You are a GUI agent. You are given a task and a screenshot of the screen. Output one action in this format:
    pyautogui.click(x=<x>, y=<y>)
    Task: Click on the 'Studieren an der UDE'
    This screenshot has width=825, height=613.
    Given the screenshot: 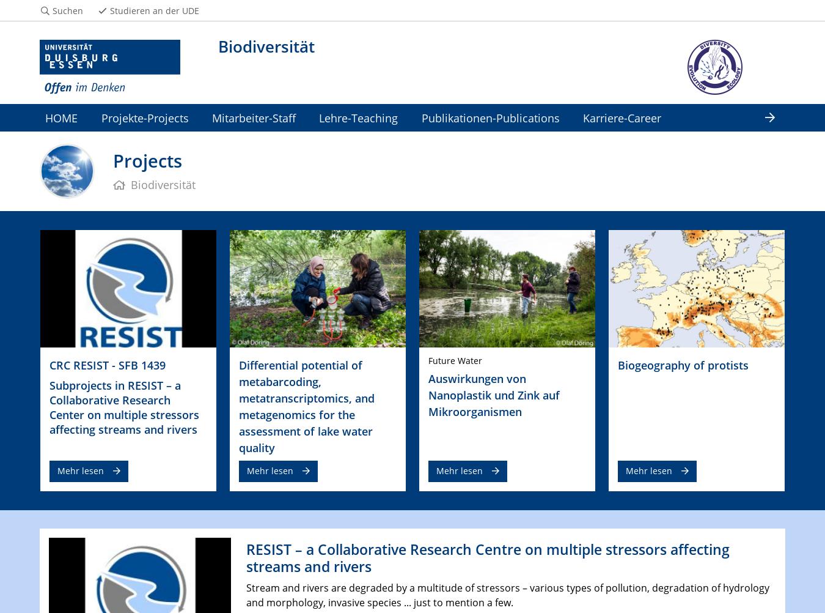 What is the action you would take?
    pyautogui.click(x=153, y=10)
    